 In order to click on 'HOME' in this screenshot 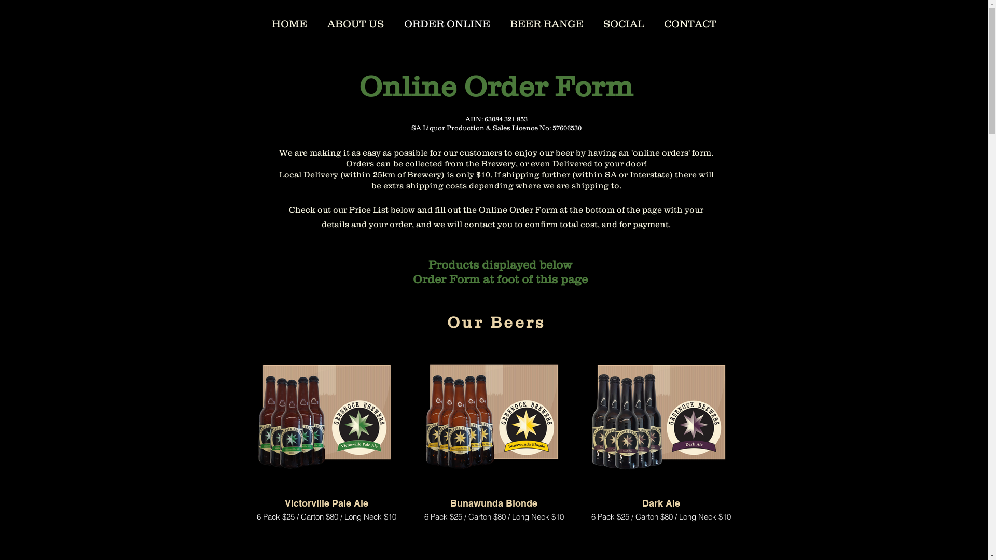, I will do `click(289, 22)`.